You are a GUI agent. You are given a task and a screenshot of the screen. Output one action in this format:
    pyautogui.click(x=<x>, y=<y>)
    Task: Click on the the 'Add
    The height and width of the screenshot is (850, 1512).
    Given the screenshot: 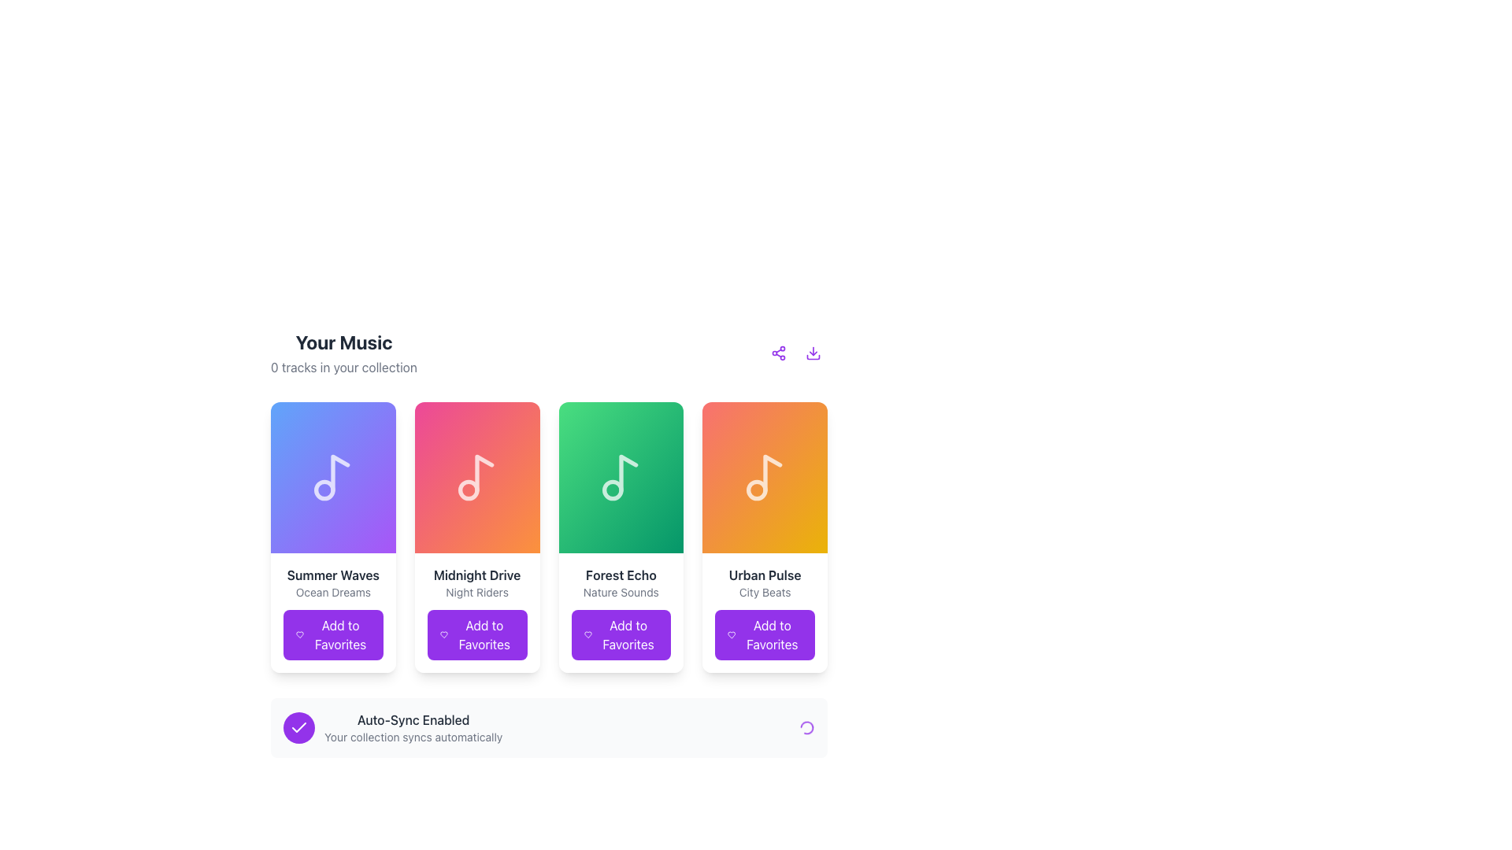 What is the action you would take?
    pyautogui.click(x=483, y=634)
    